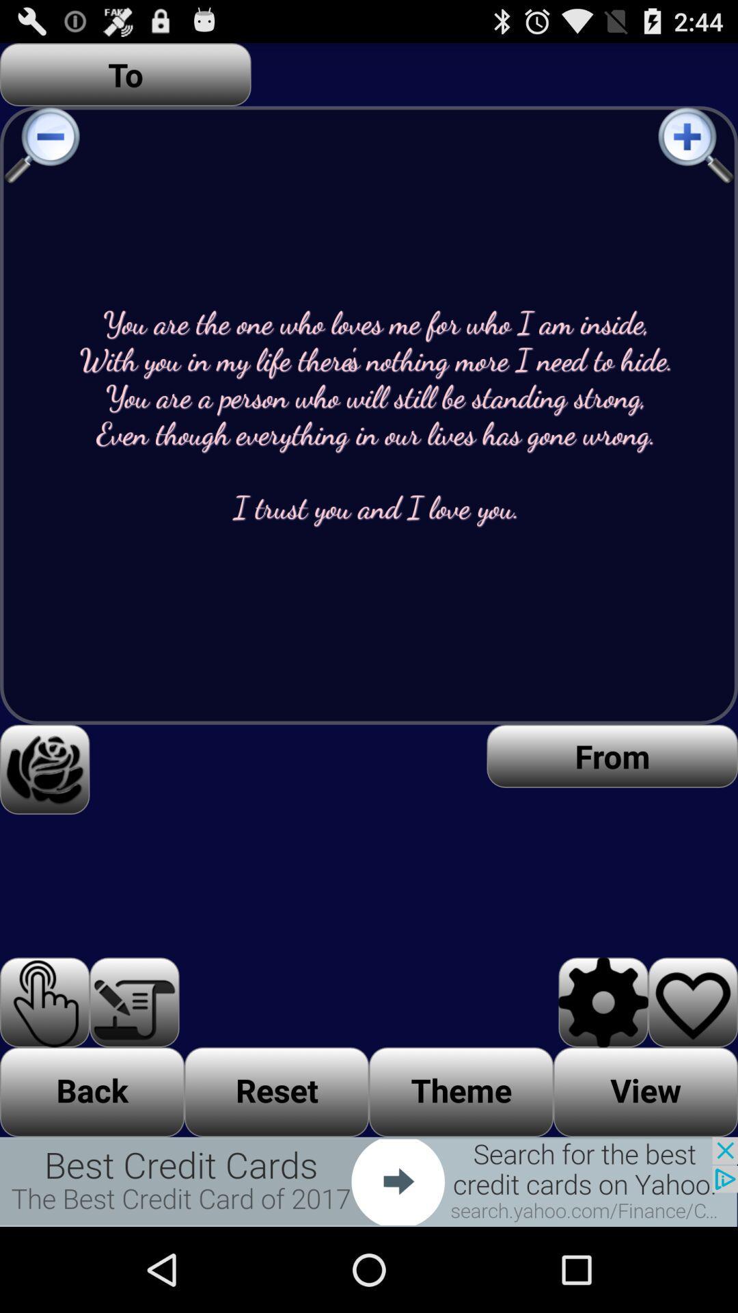  I want to click on advertisement link, so click(369, 1181).